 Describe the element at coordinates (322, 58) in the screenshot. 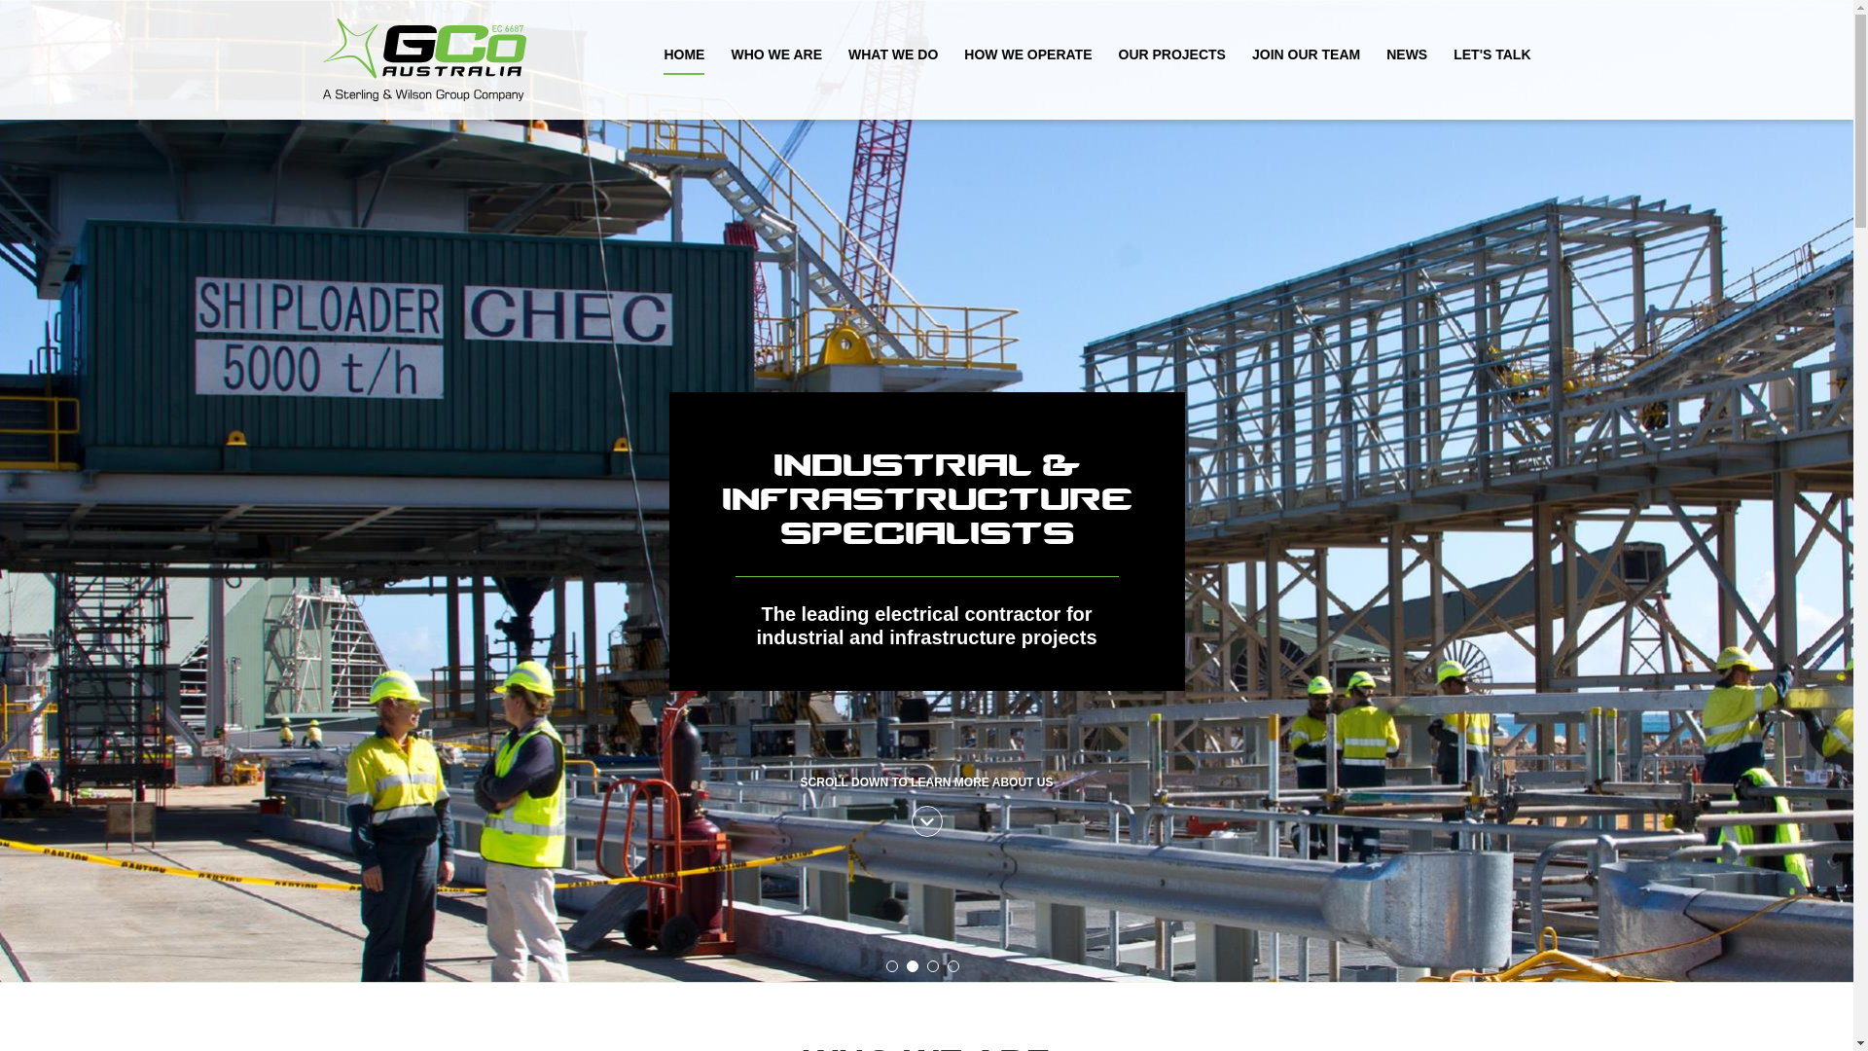

I see `'GCo Electrical Home Page'` at that location.